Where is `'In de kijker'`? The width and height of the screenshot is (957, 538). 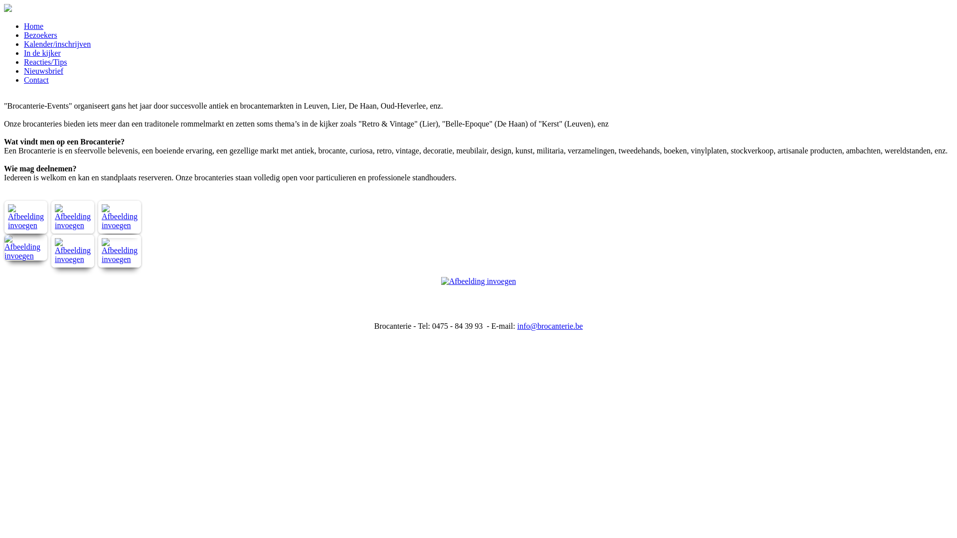
'In de kijker' is located at coordinates (42, 53).